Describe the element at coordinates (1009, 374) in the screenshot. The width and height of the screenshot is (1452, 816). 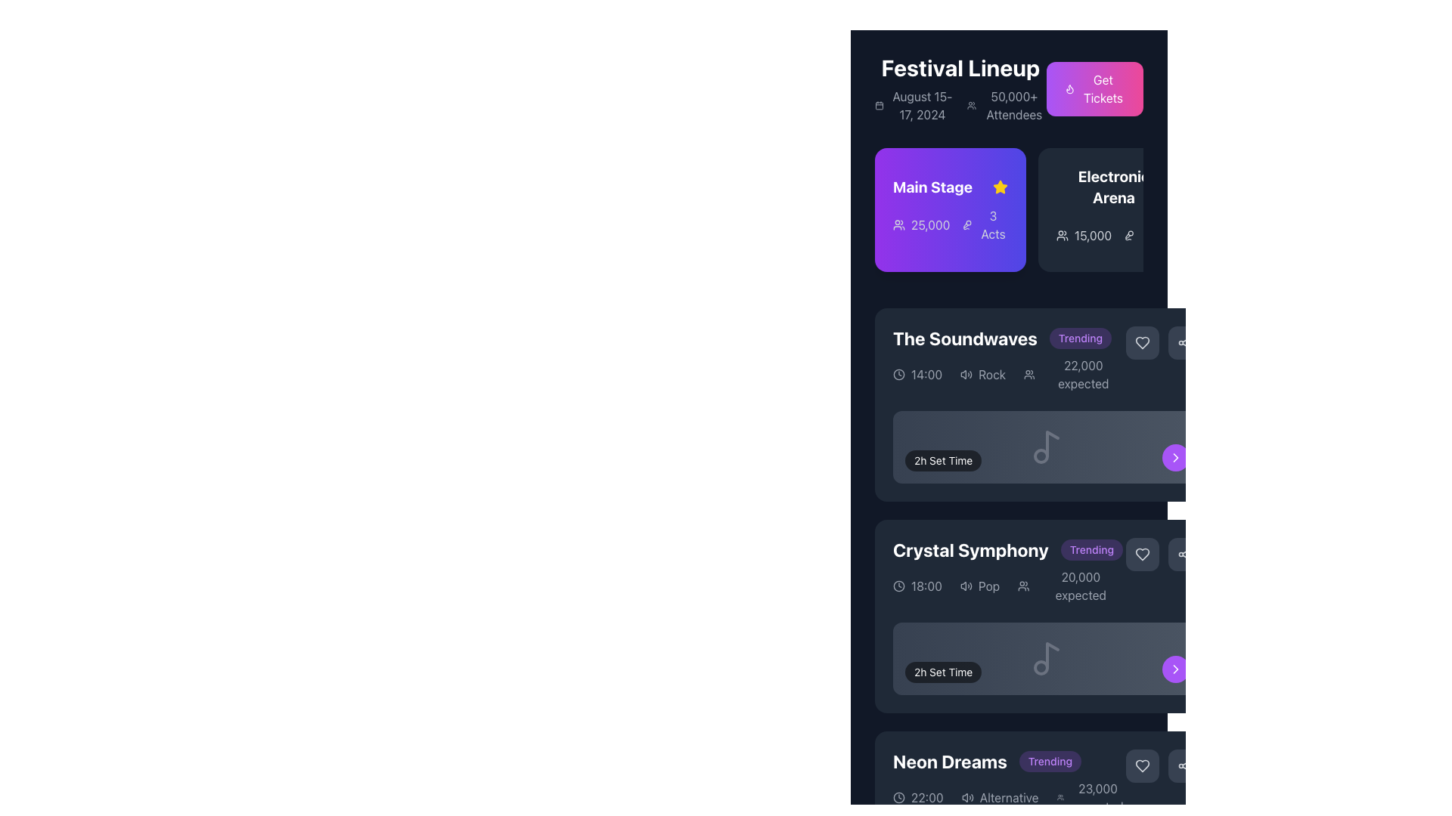
I see `the Informational display row that shows key event information in 'The Soundwaves' section, located beneath its title and next to a 'Trending' badge` at that location.